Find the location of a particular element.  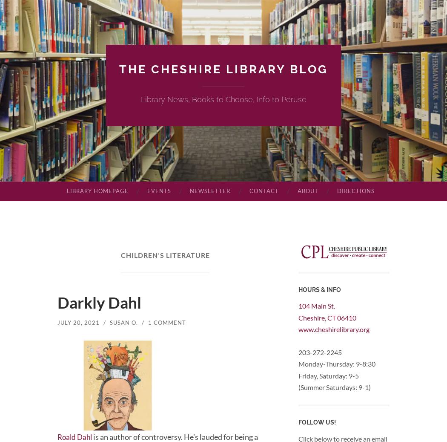

'Roald Dahl' is located at coordinates (76, 436).